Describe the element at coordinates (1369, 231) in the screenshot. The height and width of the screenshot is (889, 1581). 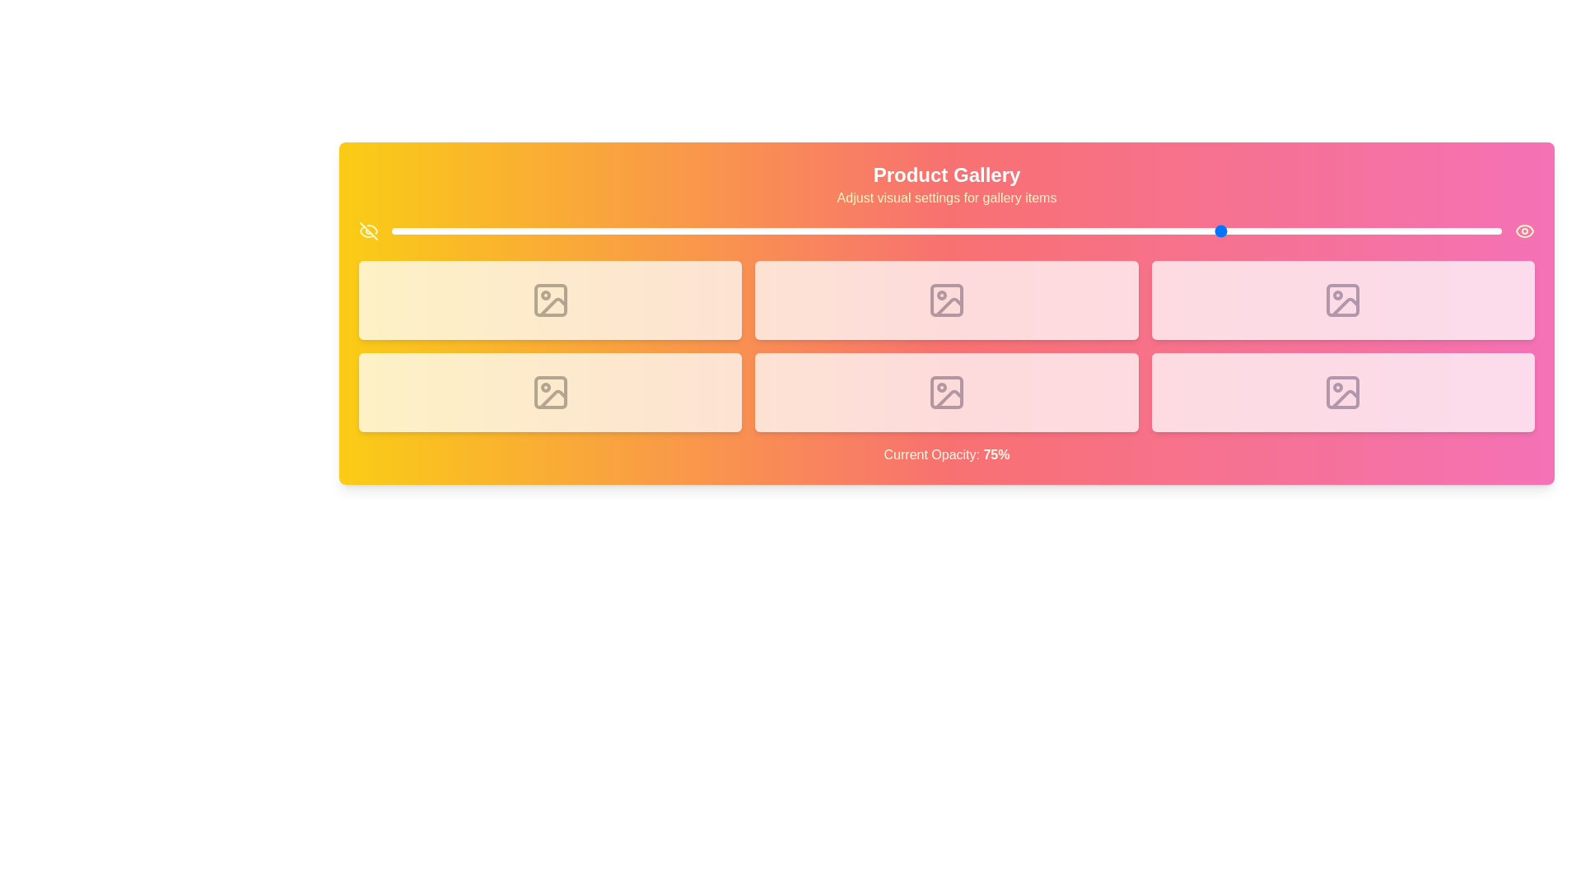
I see `the opacity of the gallery items to 88% using the slider` at that location.